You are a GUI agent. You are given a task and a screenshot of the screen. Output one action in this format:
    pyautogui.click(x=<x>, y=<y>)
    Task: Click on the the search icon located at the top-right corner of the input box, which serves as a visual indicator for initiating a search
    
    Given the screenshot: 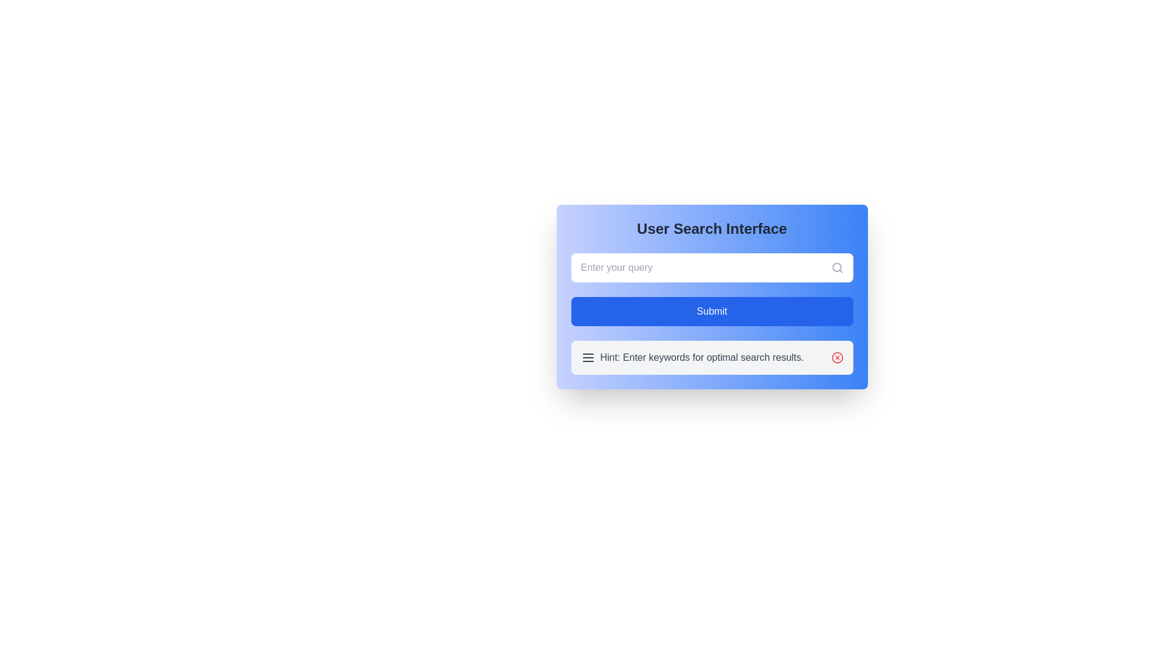 What is the action you would take?
    pyautogui.click(x=836, y=267)
    